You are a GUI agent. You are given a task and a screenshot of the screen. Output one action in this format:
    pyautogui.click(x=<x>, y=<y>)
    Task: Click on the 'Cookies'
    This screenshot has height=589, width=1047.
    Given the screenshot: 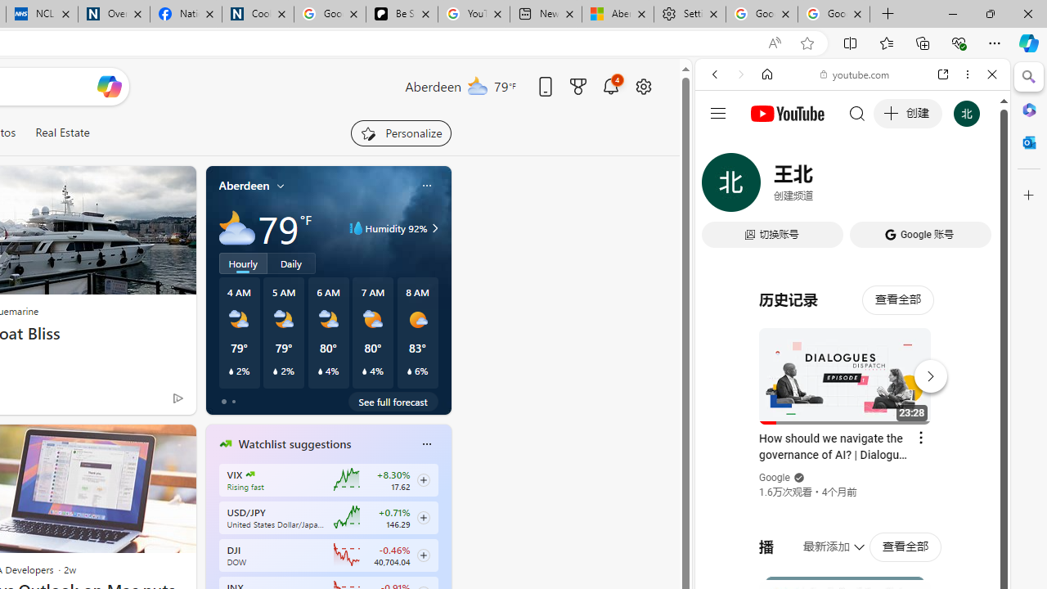 What is the action you would take?
    pyautogui.click(x=257, y=14)
    